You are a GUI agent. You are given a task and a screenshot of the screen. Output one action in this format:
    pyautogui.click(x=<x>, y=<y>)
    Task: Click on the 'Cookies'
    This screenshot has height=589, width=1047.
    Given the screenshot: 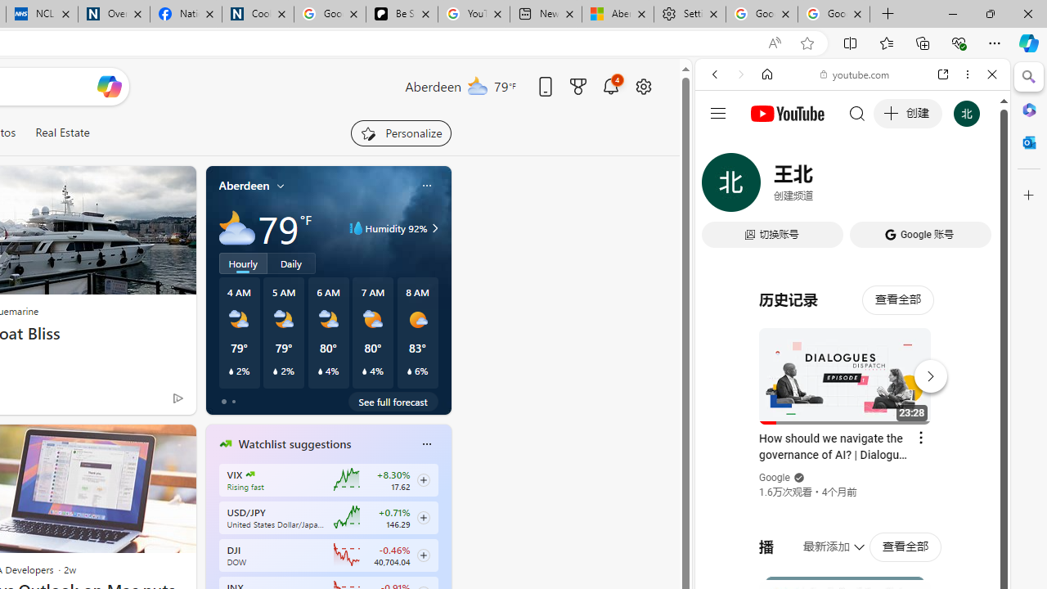 What is the action you would take?
    pyautogui.click(x=257, y=14)
    